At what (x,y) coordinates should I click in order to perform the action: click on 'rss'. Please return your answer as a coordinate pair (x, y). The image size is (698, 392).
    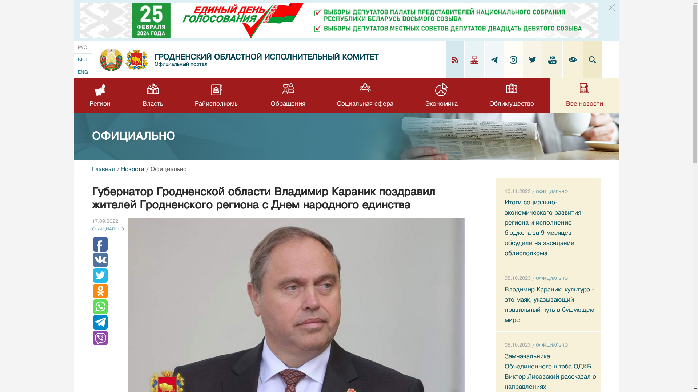
    Looking at the image, I should click on (454, 60).